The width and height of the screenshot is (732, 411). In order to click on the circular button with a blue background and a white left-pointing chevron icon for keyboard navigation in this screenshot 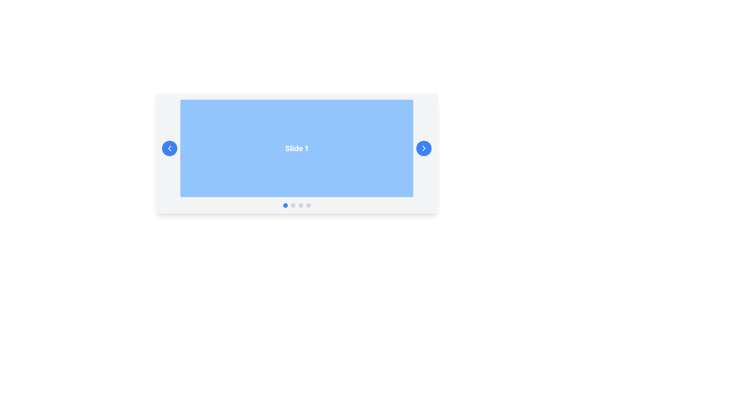, I will do `click(169, 148)`.